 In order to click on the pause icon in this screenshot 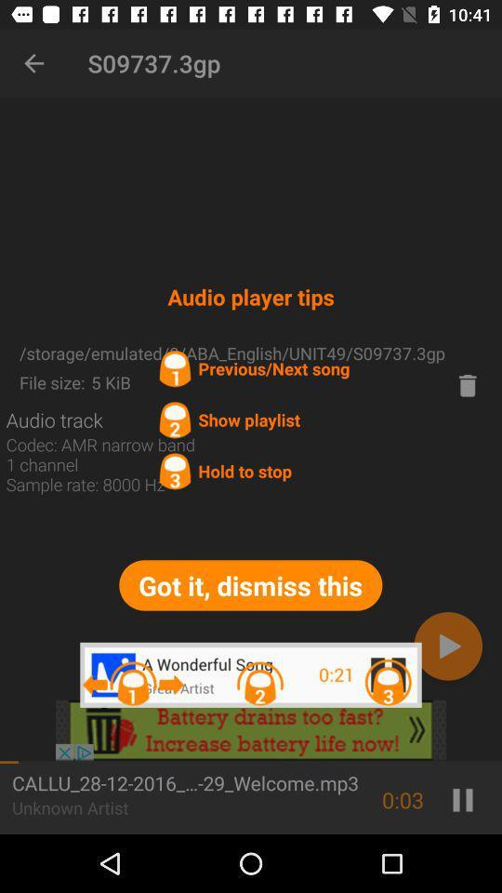, I will do `click(461, 799)`.